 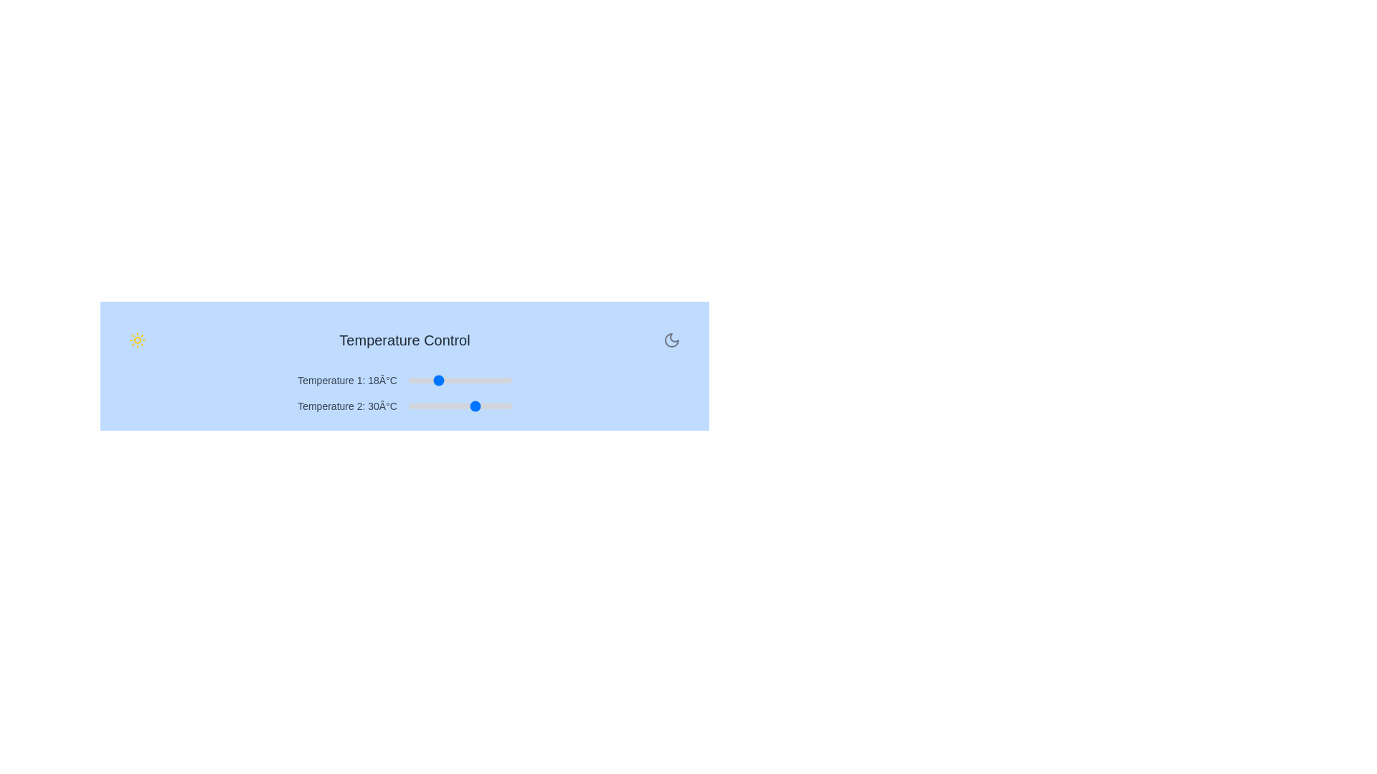 What do you see at coordinates (418, 406) in the screenshot?
I see `the temperature slider` at bounding box center [418, 406].